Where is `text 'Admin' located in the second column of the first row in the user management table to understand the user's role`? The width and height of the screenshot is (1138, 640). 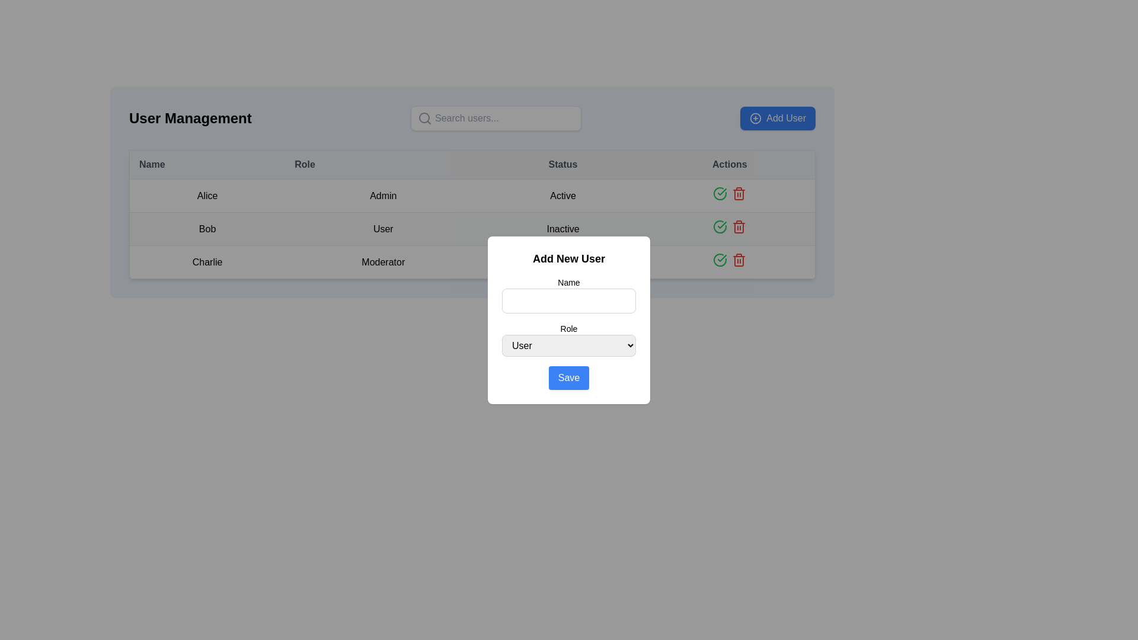 text 'Admin' located in the second column of the first row in the user management table to understand the user's role is located at coordinates (383, 195).